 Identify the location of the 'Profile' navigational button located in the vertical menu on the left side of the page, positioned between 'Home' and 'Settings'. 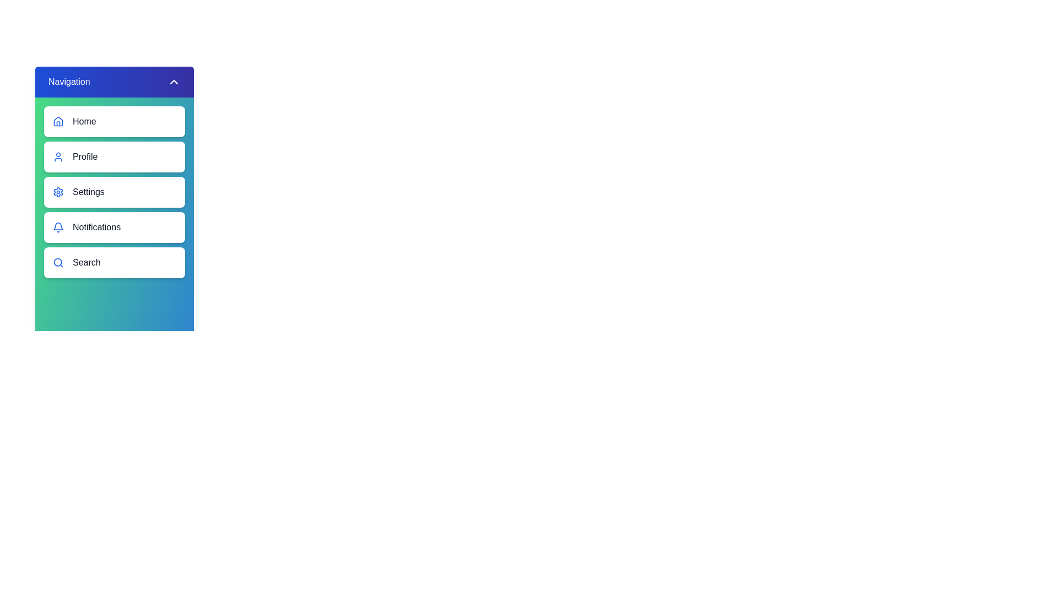
(114, 157).